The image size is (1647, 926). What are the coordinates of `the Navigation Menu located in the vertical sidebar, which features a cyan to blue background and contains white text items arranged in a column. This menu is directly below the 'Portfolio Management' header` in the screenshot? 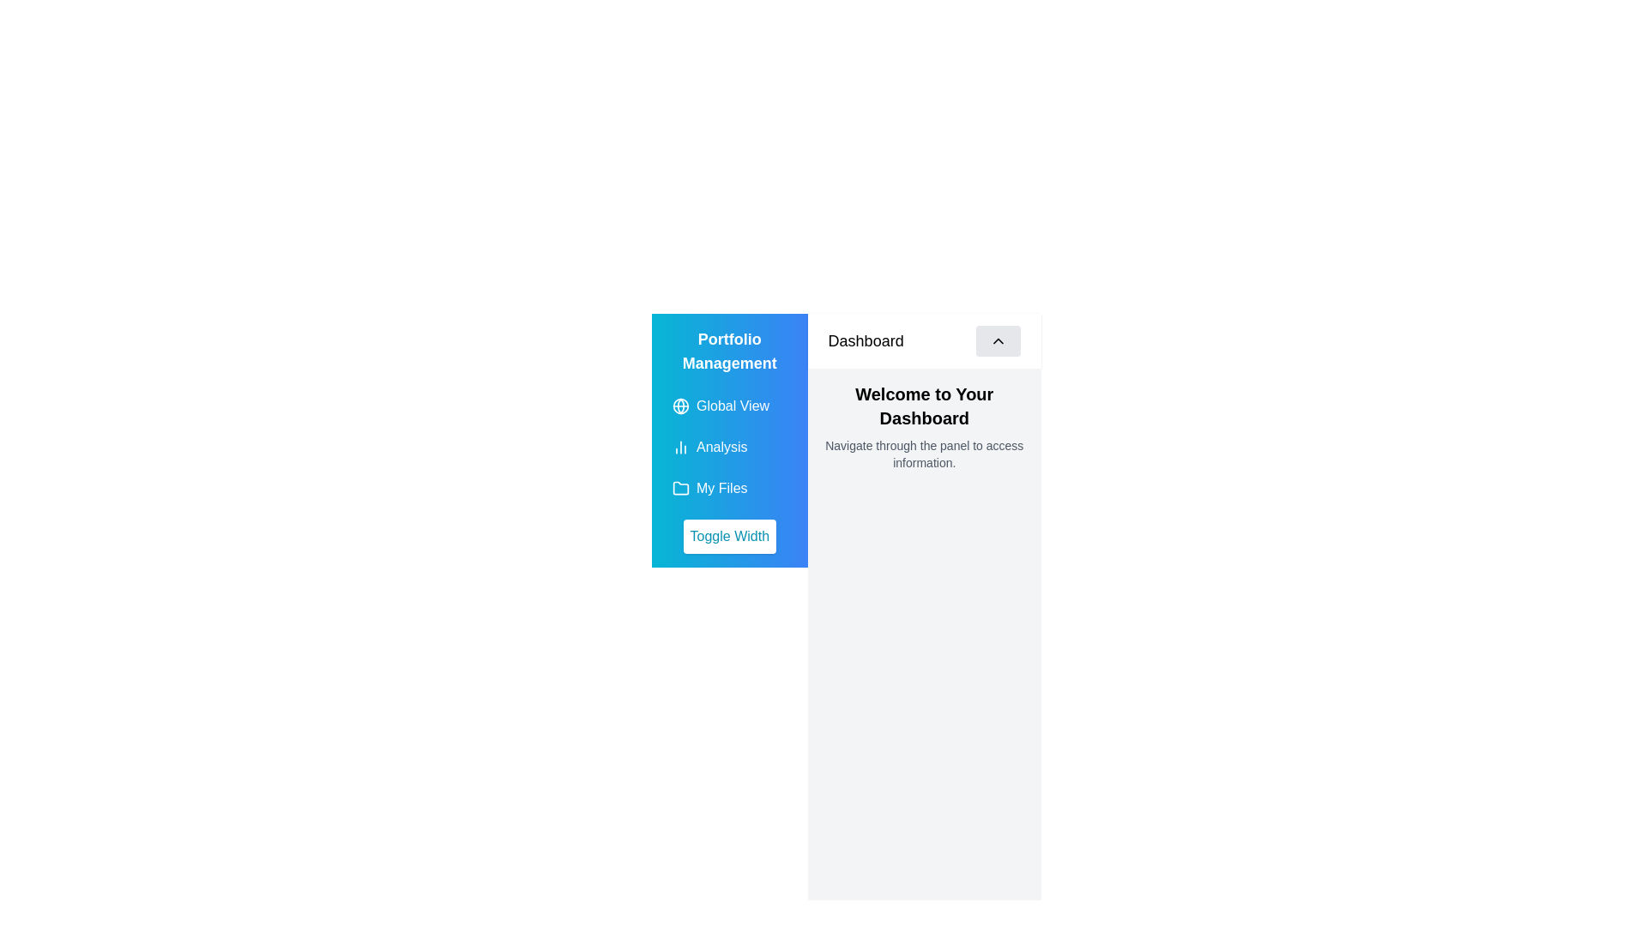 It's located at (729, 439).